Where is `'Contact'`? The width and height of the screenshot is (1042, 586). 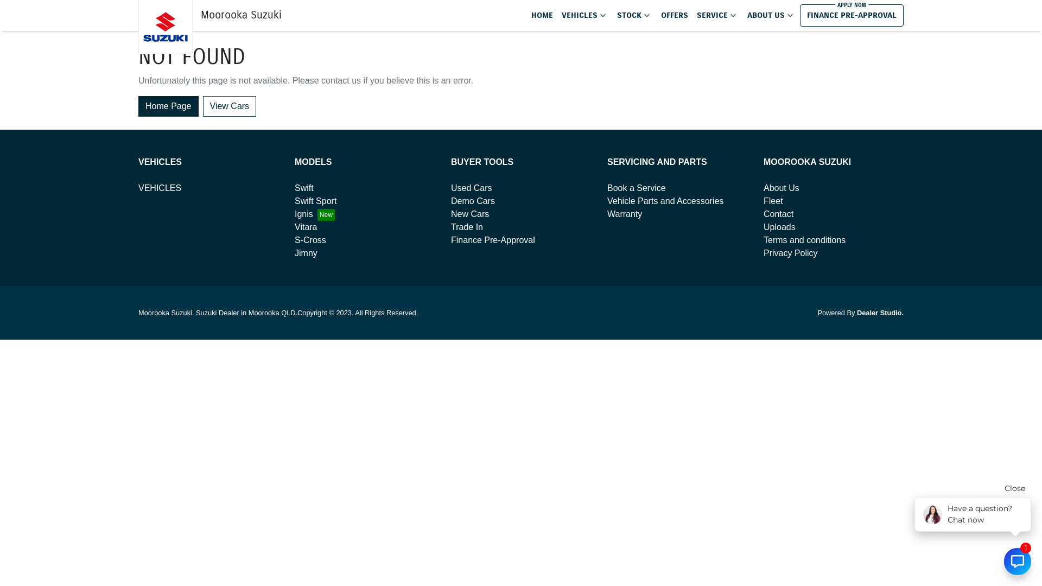
'Contact' is located at coordinates (763, 214).